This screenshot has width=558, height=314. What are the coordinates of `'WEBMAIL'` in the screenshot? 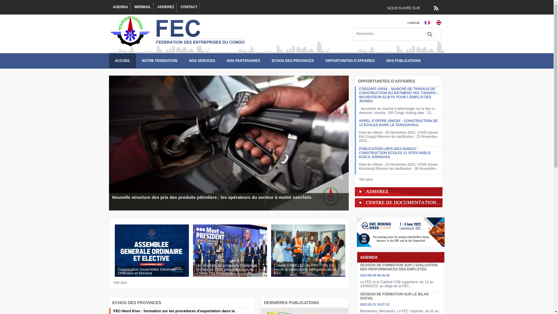 It's located at (133, 8).